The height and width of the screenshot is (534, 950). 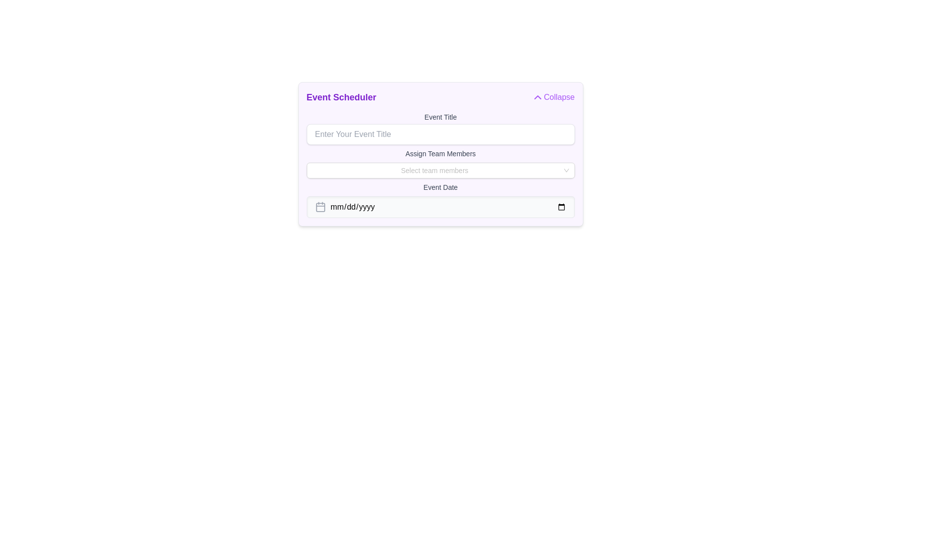 I want to click on 'Event Scheduler' header section that includes the 'Collapse' button for information, so click(x=440, y=97).